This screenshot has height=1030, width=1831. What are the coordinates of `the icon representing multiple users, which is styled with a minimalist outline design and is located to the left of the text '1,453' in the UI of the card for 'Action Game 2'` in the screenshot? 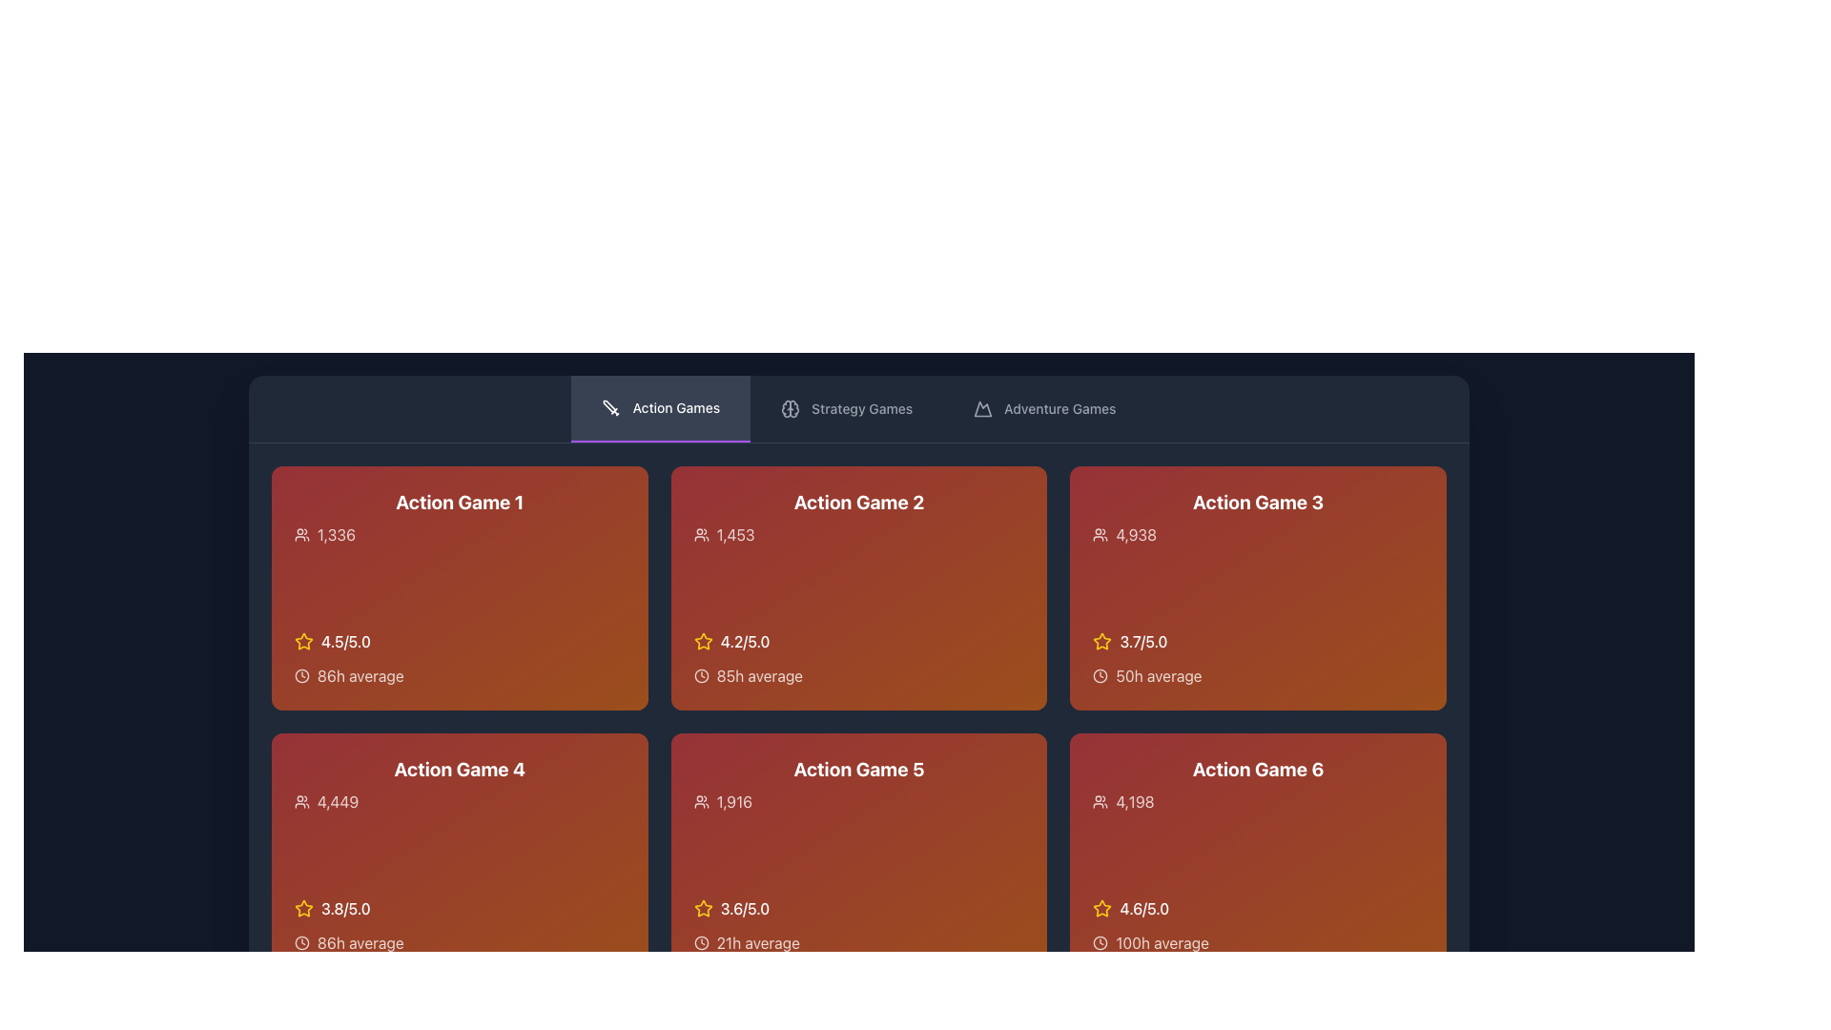 It's located at (700, 534).